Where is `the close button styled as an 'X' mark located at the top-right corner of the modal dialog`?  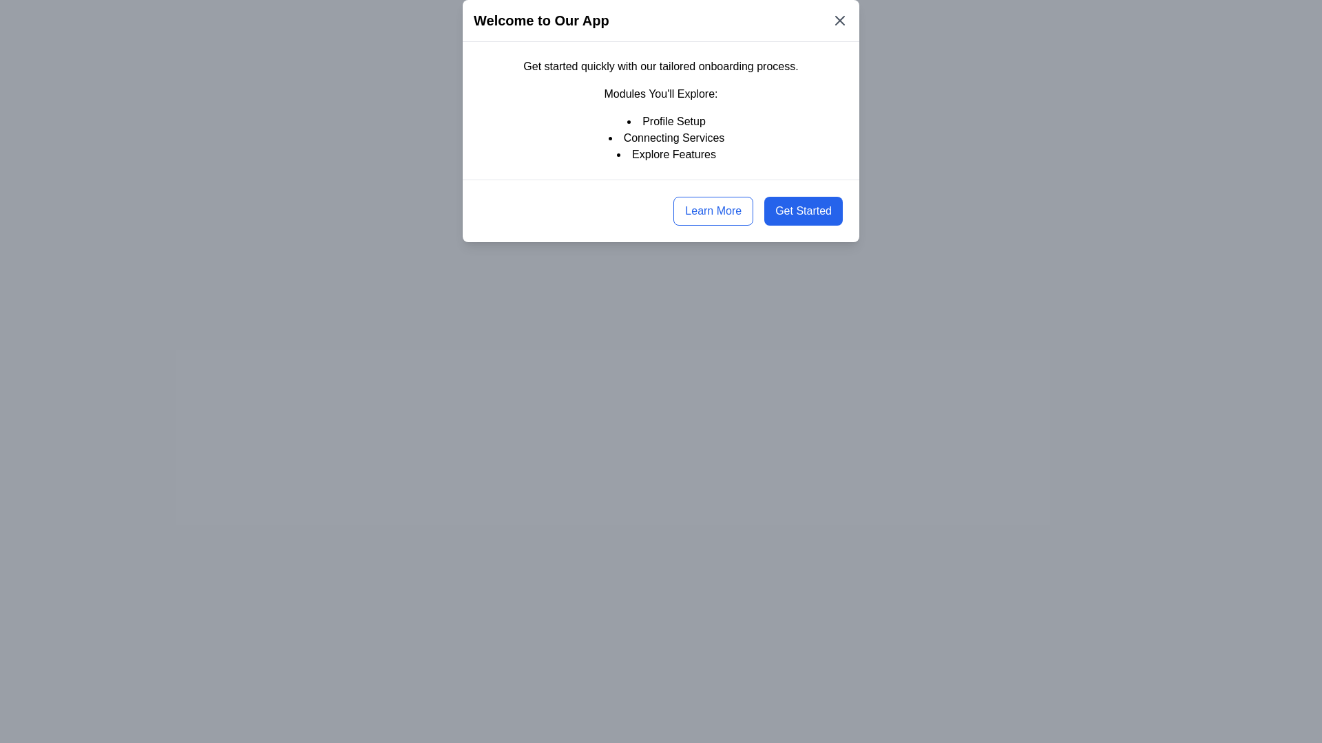 the close button styled as an 'X' mark located at the top-right corner of the modal dialog is located at coordinates (839, 21).